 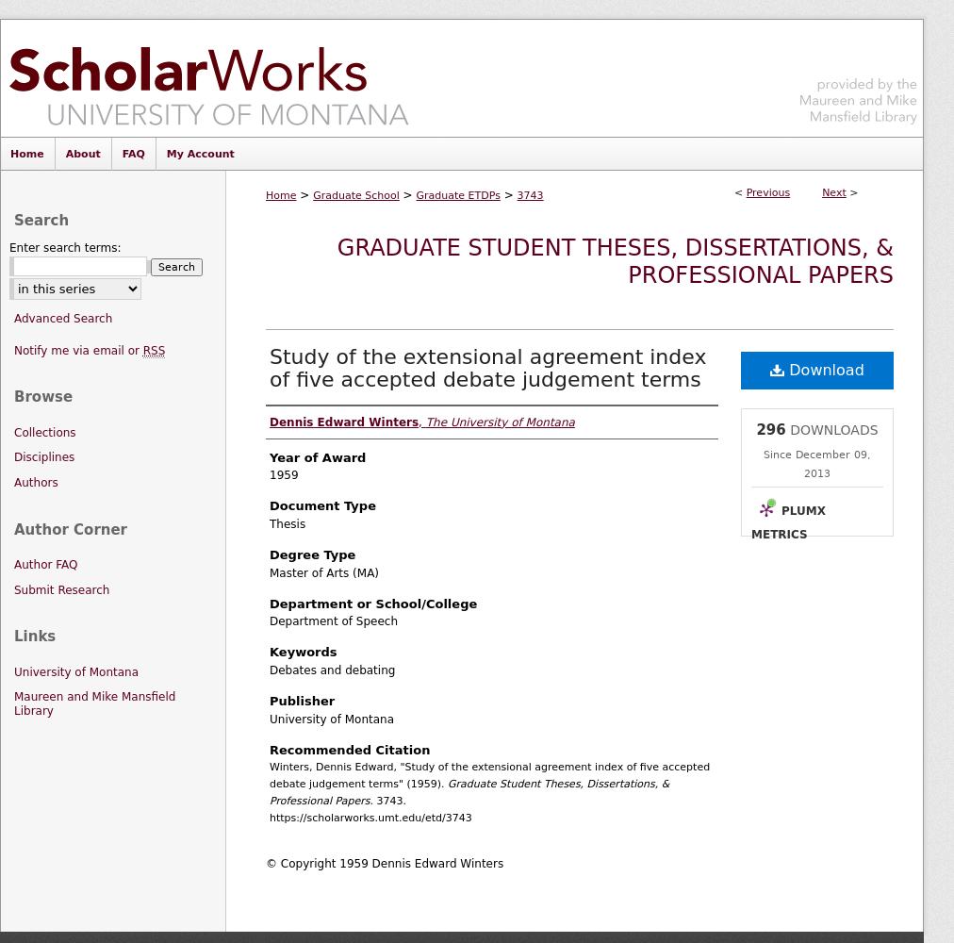 I want to click on 'Links', so click(x=34, y=637).